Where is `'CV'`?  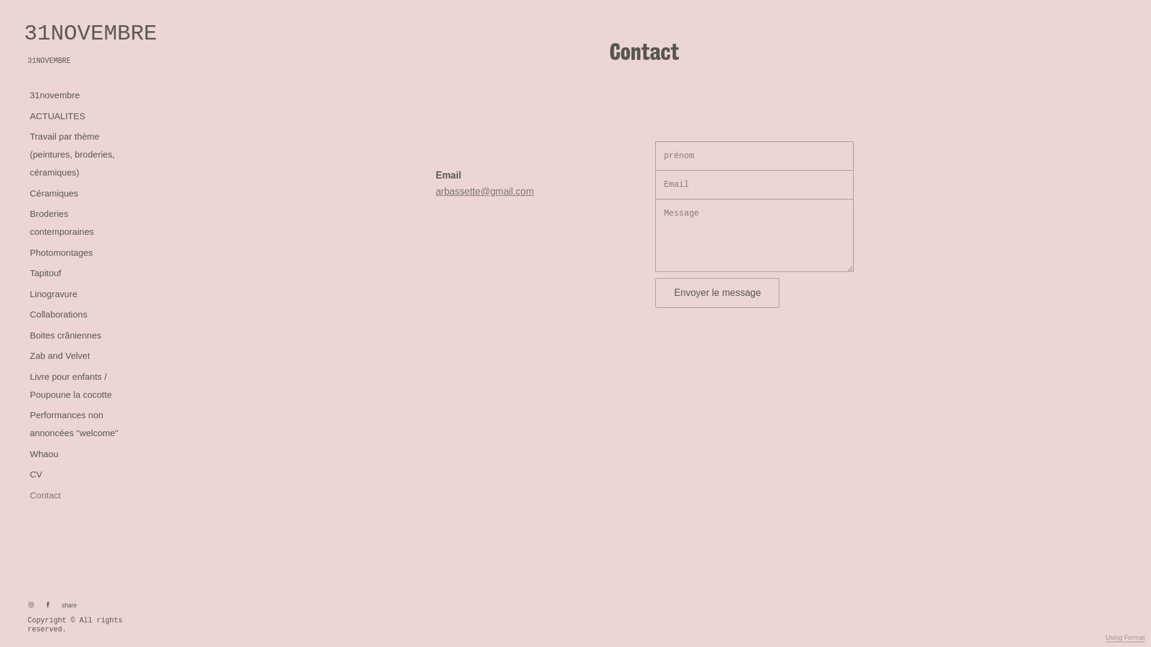 'CV' is located at coordinates (35, 473).